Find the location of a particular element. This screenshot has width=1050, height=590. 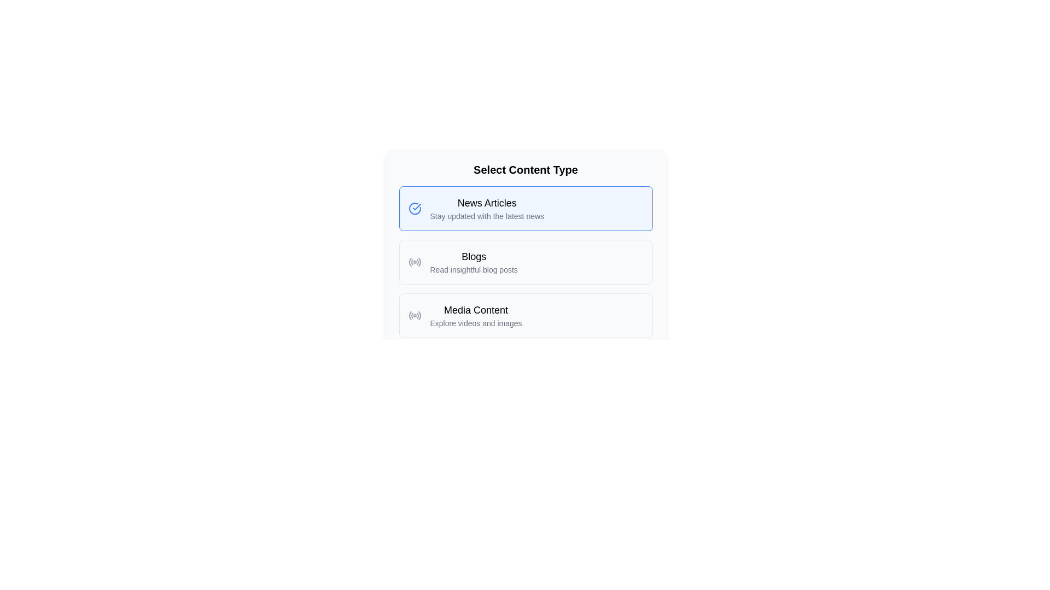

the 'Blogs' text label to trigger tooltip or highlight effects, which serves as a title for the Blogs section is located at coordinates (474, 257).